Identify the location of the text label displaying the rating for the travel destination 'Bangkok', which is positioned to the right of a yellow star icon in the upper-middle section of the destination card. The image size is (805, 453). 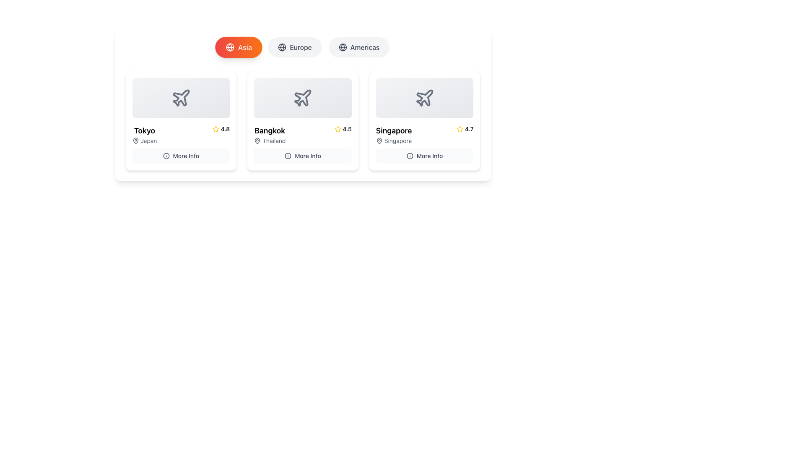
(347, 129).